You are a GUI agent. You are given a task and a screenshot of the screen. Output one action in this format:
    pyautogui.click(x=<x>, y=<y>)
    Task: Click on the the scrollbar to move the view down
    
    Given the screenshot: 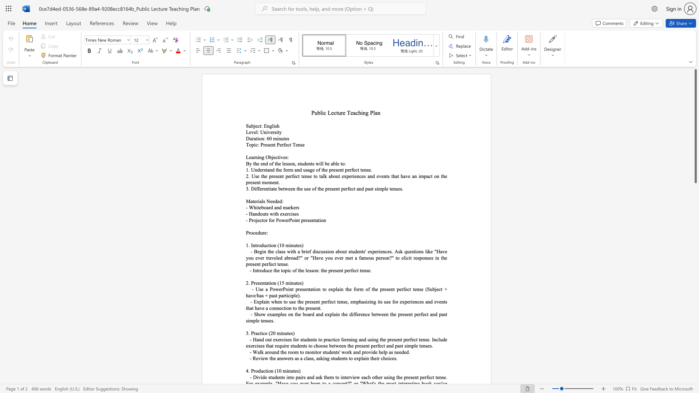 What is the action you would take?
    pyautogui.click(x=695, y=203)
    